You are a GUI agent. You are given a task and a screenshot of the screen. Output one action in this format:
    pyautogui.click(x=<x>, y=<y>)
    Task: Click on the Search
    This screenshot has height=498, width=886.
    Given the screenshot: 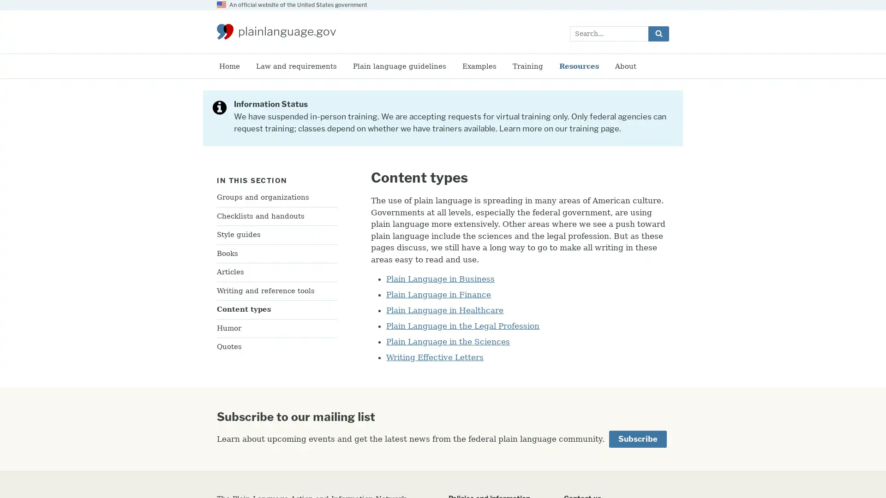 What is the action you would take?
    pyautogui.click(x=658, y=33)
    